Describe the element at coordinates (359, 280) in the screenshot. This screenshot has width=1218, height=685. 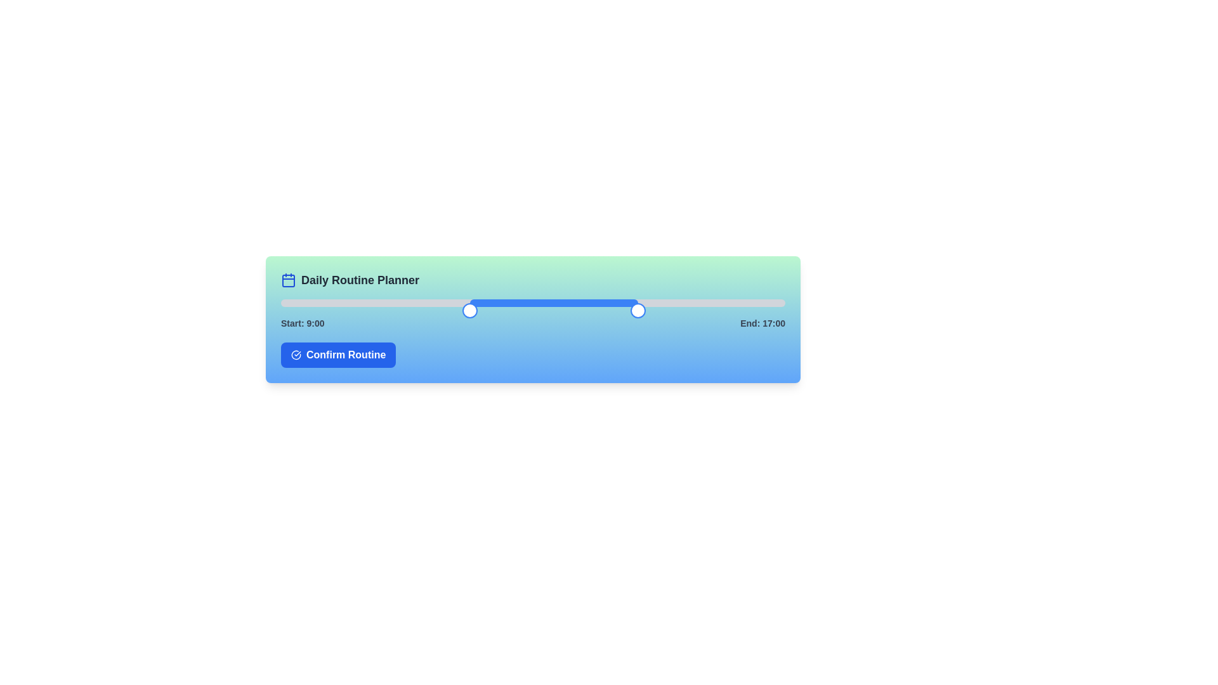
I see `the static text label displaying 'Daily Routine Planner' which is positioned to the right of a calendar icon in the header of the planner interface` at that location.